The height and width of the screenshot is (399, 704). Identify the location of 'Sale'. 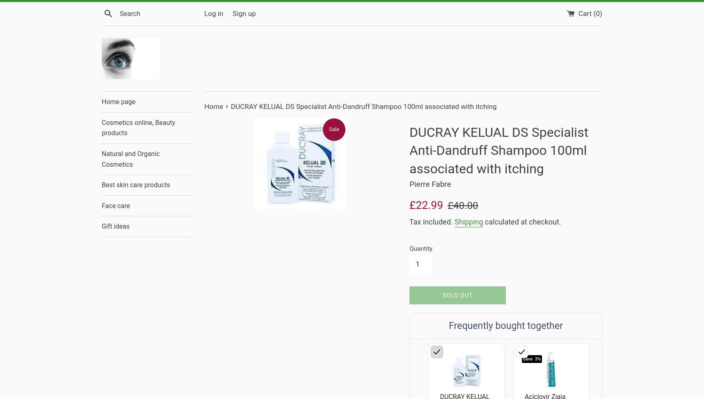
(329, 128).